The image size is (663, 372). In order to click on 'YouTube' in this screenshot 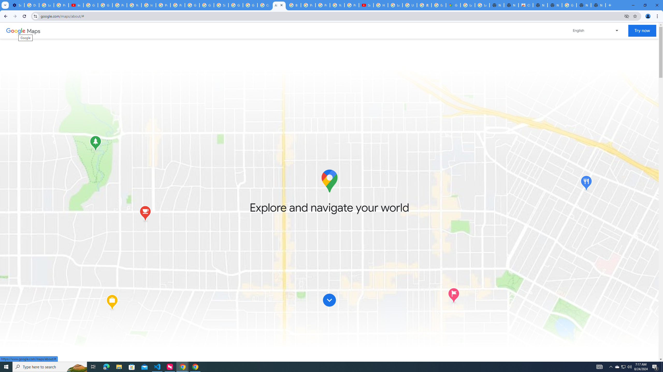, I will do `click(337, 5)`.